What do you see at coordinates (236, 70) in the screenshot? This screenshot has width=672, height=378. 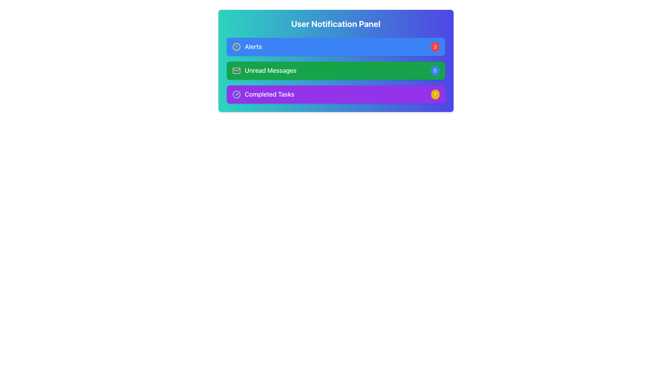 I see `the envelope icon representing unread messages in the notification panel, which contains a rectangle inside it on the left side of the notification row` at bounding box center [236, 70].